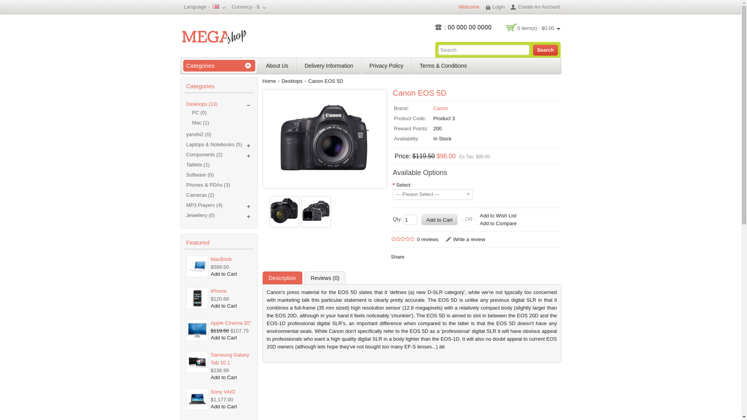  Describe the element at coordinates (200, 194) in the screenshot. I see `'Cameras (2)'` at that location.